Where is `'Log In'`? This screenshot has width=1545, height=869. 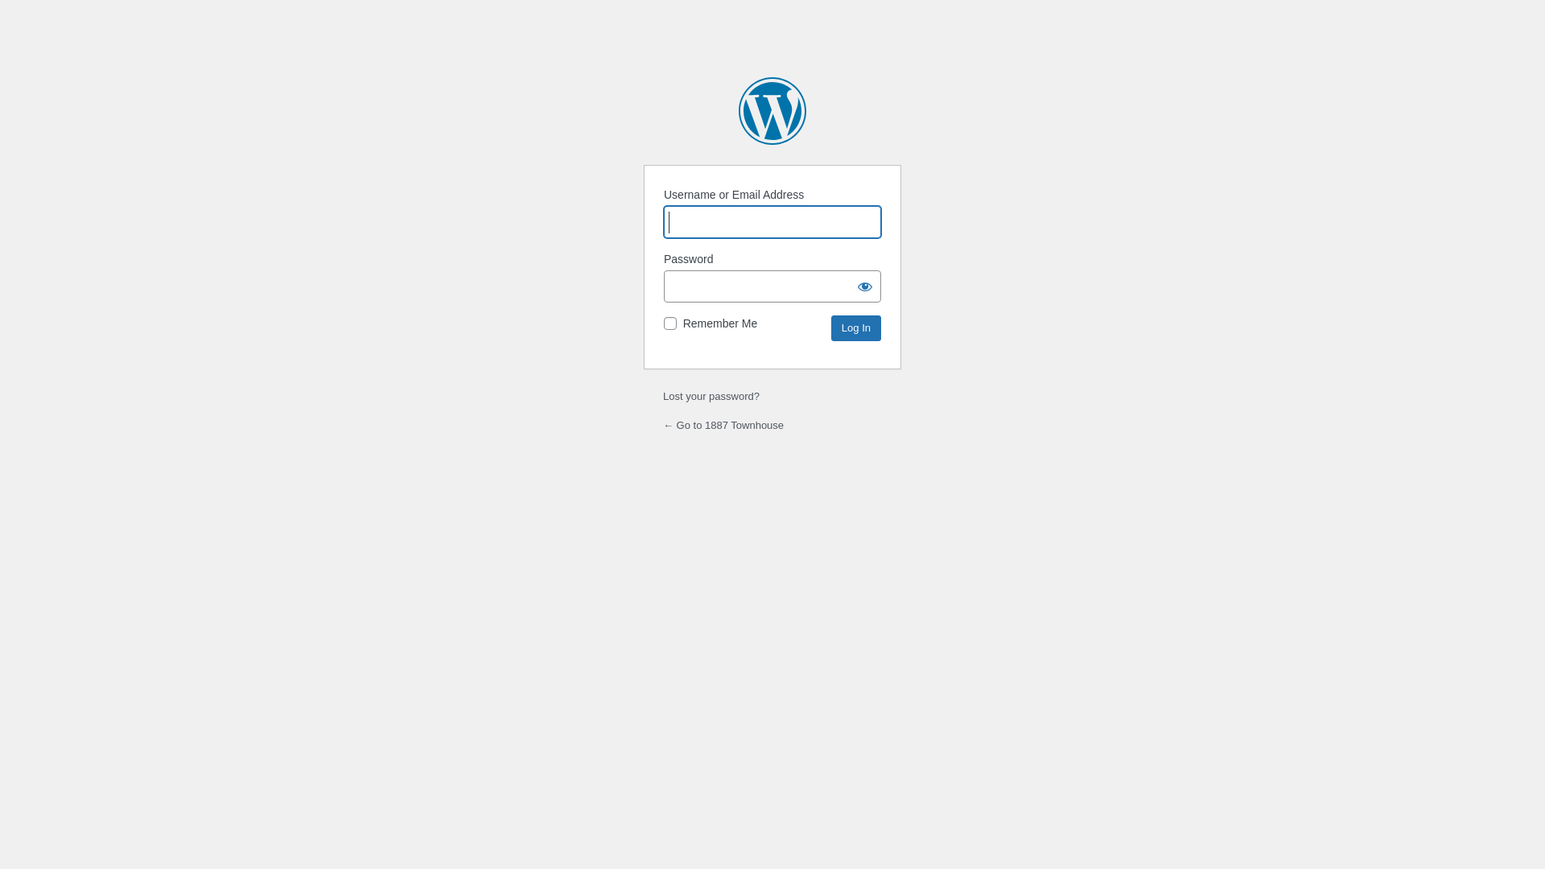
'Log In' is located at coordinates (855, 327).